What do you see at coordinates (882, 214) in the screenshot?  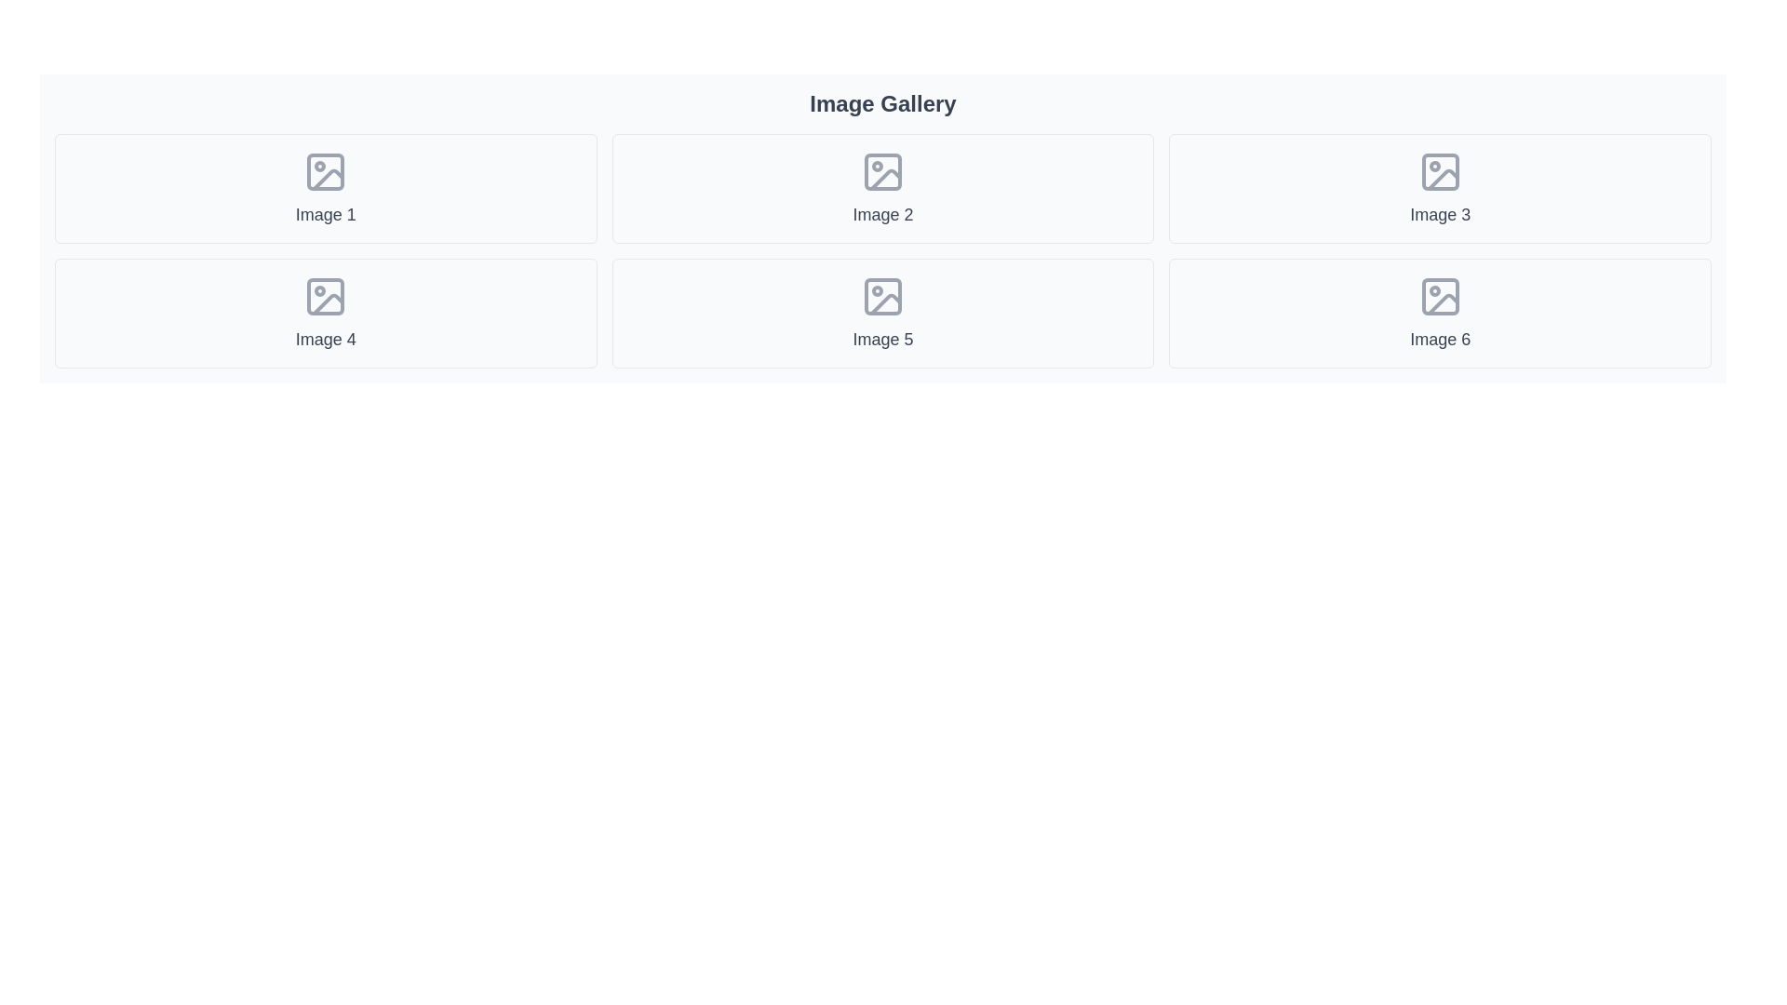 I see `the text label reading 'Image 2', which is styled with a medium font size and gray color, located directly beneath an image icon in a 2x3 grid gallery structure` at bounding box center [882, 214].